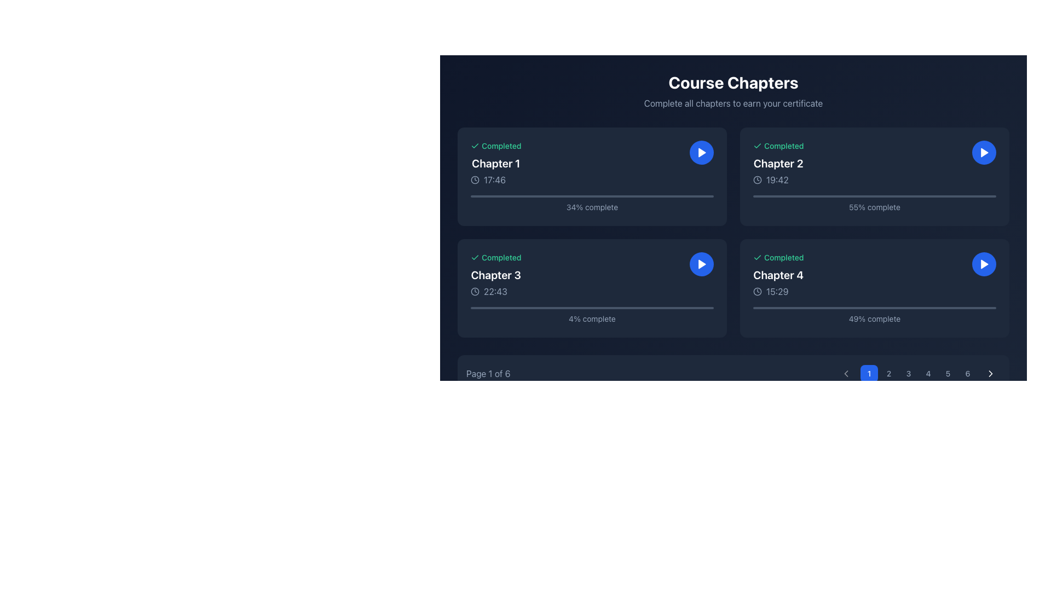 This screenshot has width=1051, height=591. Describe the element at coordinates (874, 195) in the screenshot. I see `the thin progress bar with a rounded shape and light gray background located below the text '55% complete' in the 'Chapter 2' section` at that location.